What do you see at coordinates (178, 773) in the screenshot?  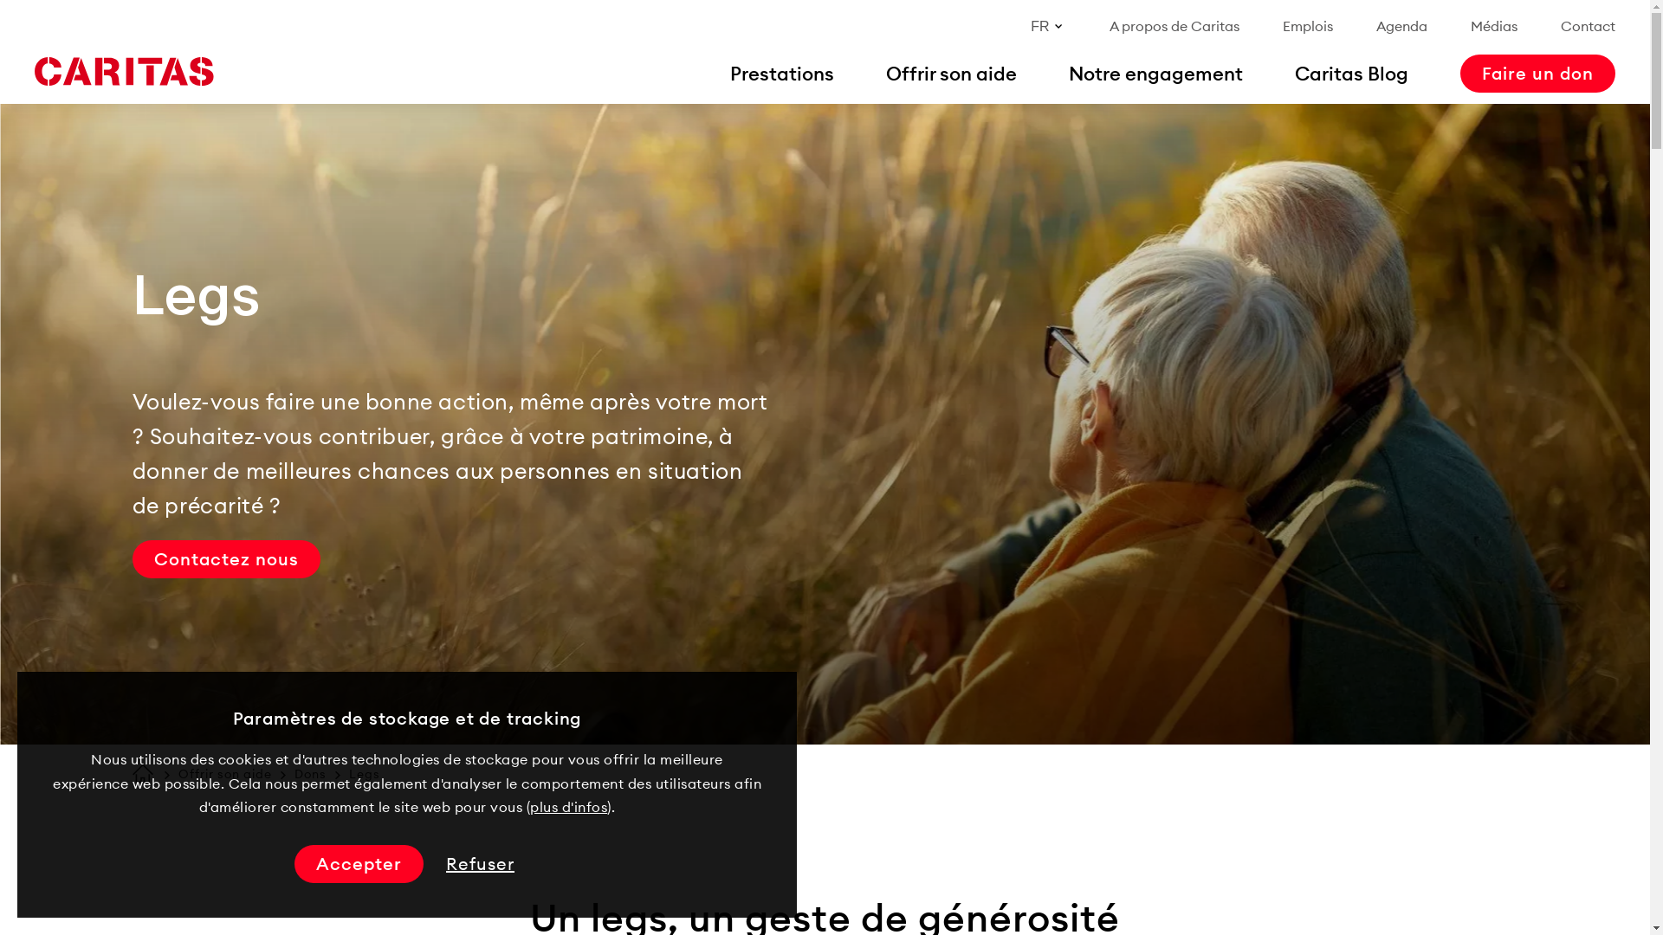 I see `'Offrir son aide'` at bounding box center [178, 773].